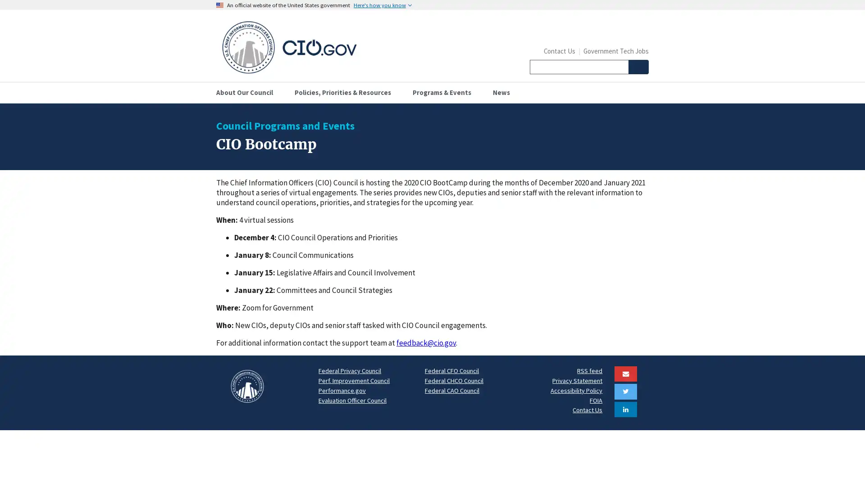  Describe the element at coordinates (346, 92) in the screenshot. I see `Policies, Priorities & Resources` at that location.